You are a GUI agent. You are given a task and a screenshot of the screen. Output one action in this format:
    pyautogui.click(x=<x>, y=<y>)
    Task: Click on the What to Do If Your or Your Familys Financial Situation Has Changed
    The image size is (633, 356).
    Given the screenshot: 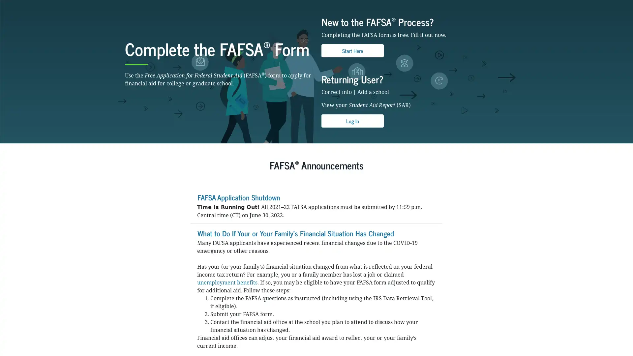 What is the action you would take?
    pyautogui.click(x=295, y=275)
    